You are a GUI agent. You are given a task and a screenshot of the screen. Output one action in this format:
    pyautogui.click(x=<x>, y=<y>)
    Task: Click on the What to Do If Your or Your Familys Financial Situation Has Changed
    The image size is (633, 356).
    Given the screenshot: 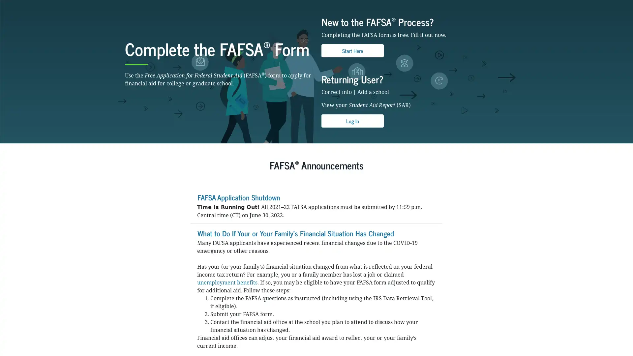 What is the action you would take?
    pyautogui.click(x=295, y=275)
    